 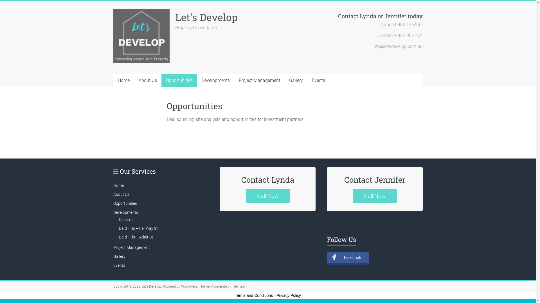 I want to click on 'Events', so click(x=113, y=265).